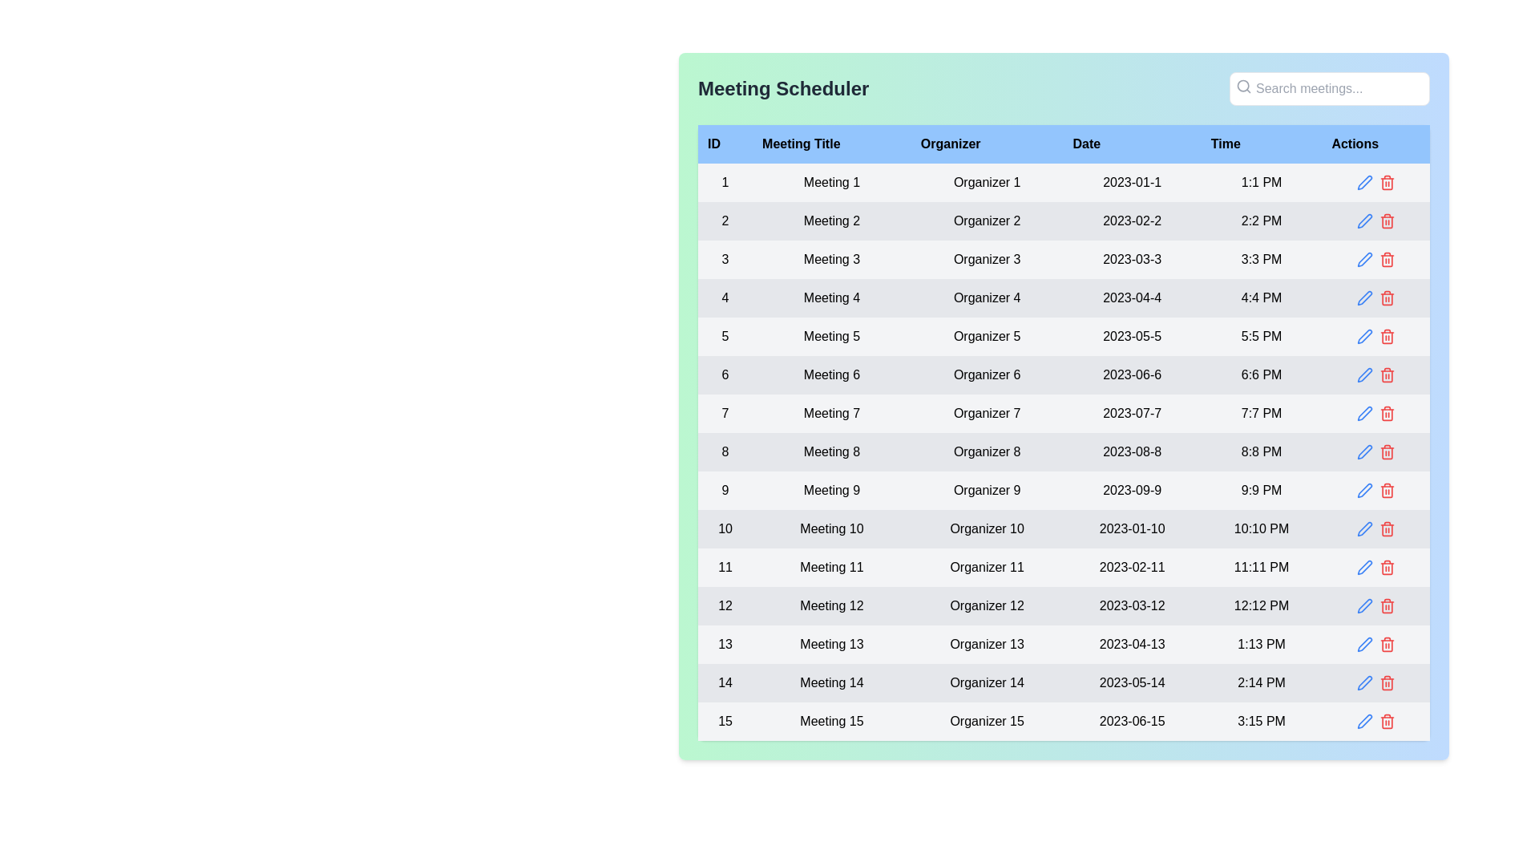 This screenshot has width=1539, height=866. What do you see at coordinates (1363, 528) in the screenshot?
I see `the edit button located in the 'Actions' column of the table row for the meeting scheduled on 2023-01-10 at 10:10 PM to initiate the edit process for that row's data` at bounding box center [1363, 528].